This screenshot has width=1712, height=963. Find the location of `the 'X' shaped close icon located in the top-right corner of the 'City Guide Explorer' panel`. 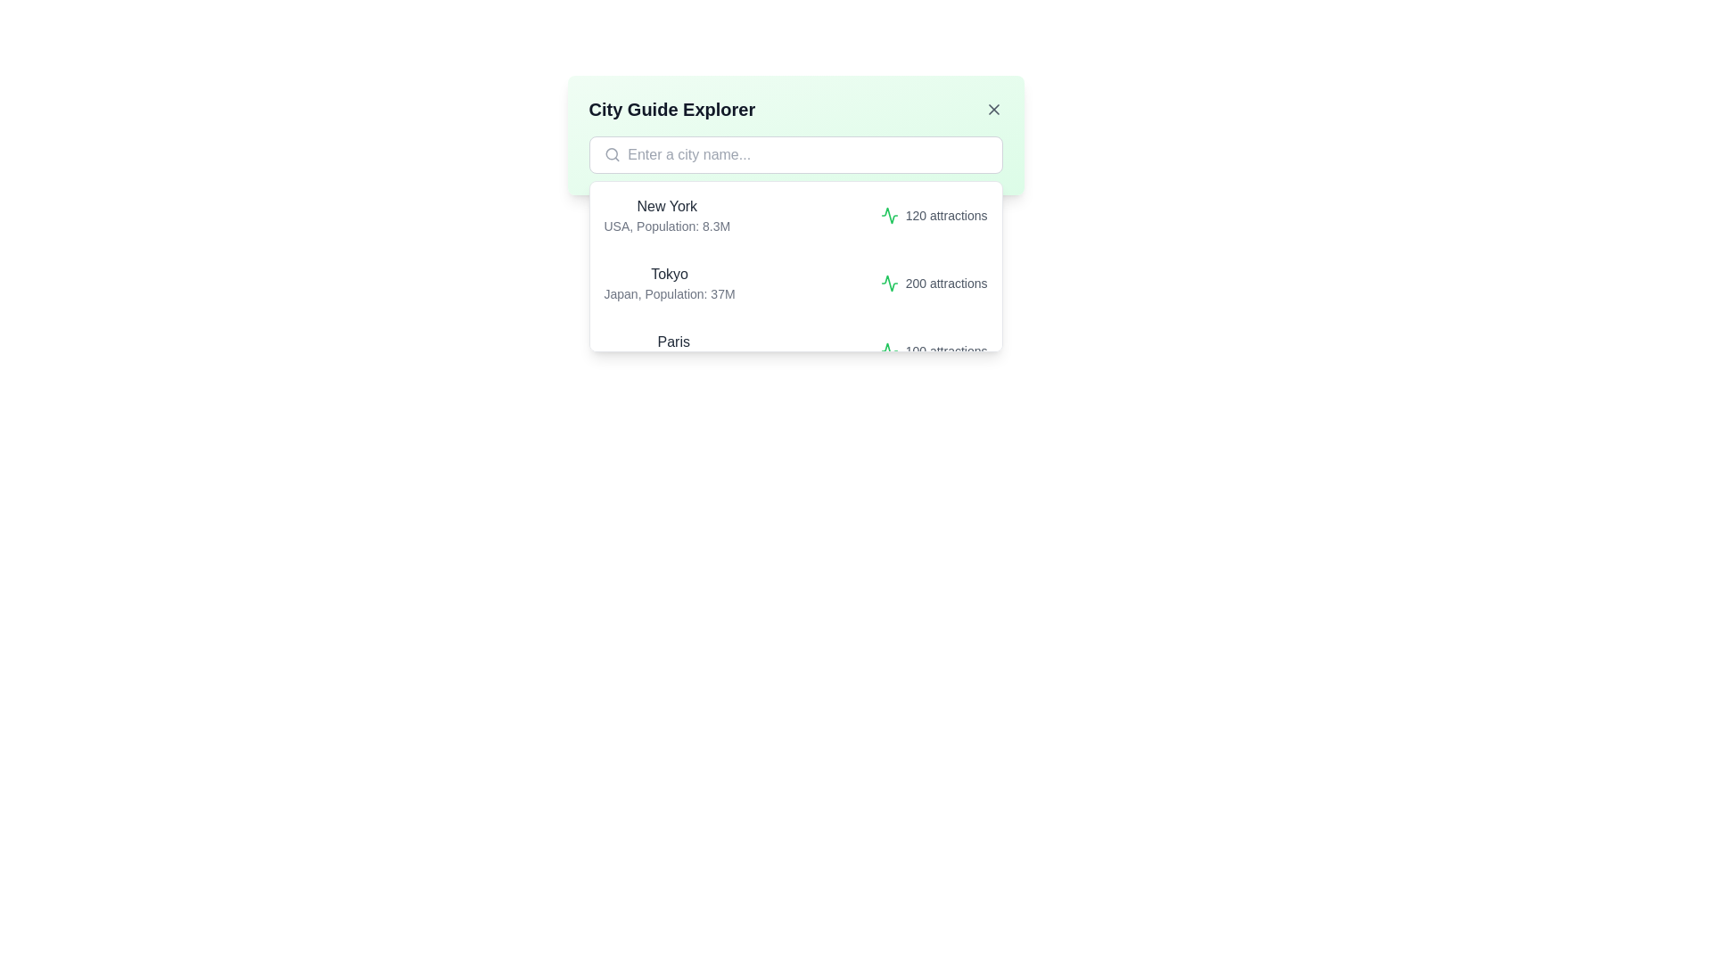

the 'X' shaped close icon located in the top-right corner of the 'City Guide Explorer' panel is located at coordinates (992, 110).